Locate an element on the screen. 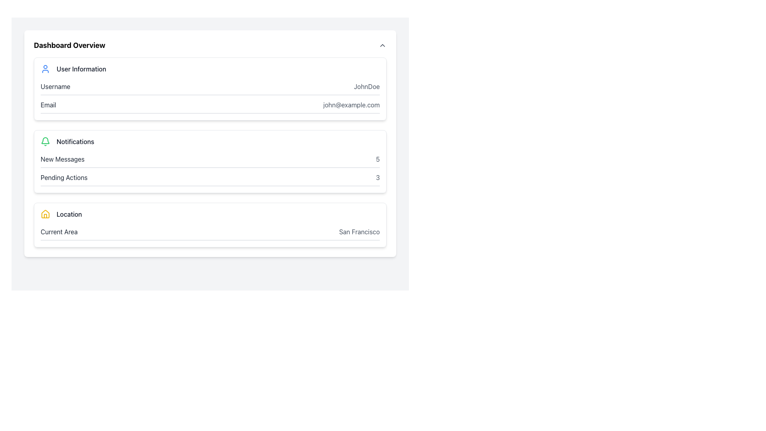  the static text label that identifies the current area, located in the bottom section of the interface to the right of the yellow house icon is located at coordinates (69, 214).